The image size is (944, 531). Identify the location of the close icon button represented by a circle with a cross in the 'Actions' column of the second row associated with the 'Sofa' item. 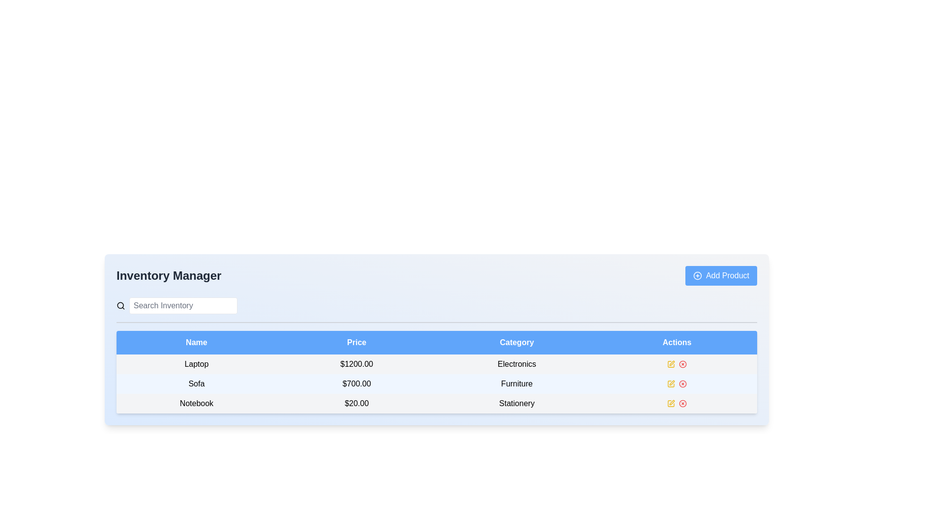
(682, 383).